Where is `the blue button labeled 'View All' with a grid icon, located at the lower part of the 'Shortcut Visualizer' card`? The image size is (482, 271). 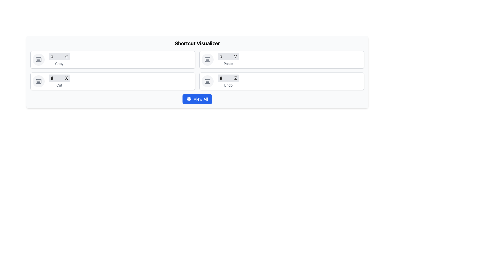 the blue button labeled 'View All' with a grid icon, located at the lower part of the 'Shortcut Visualizer' card is located at coordinates (197, 99).